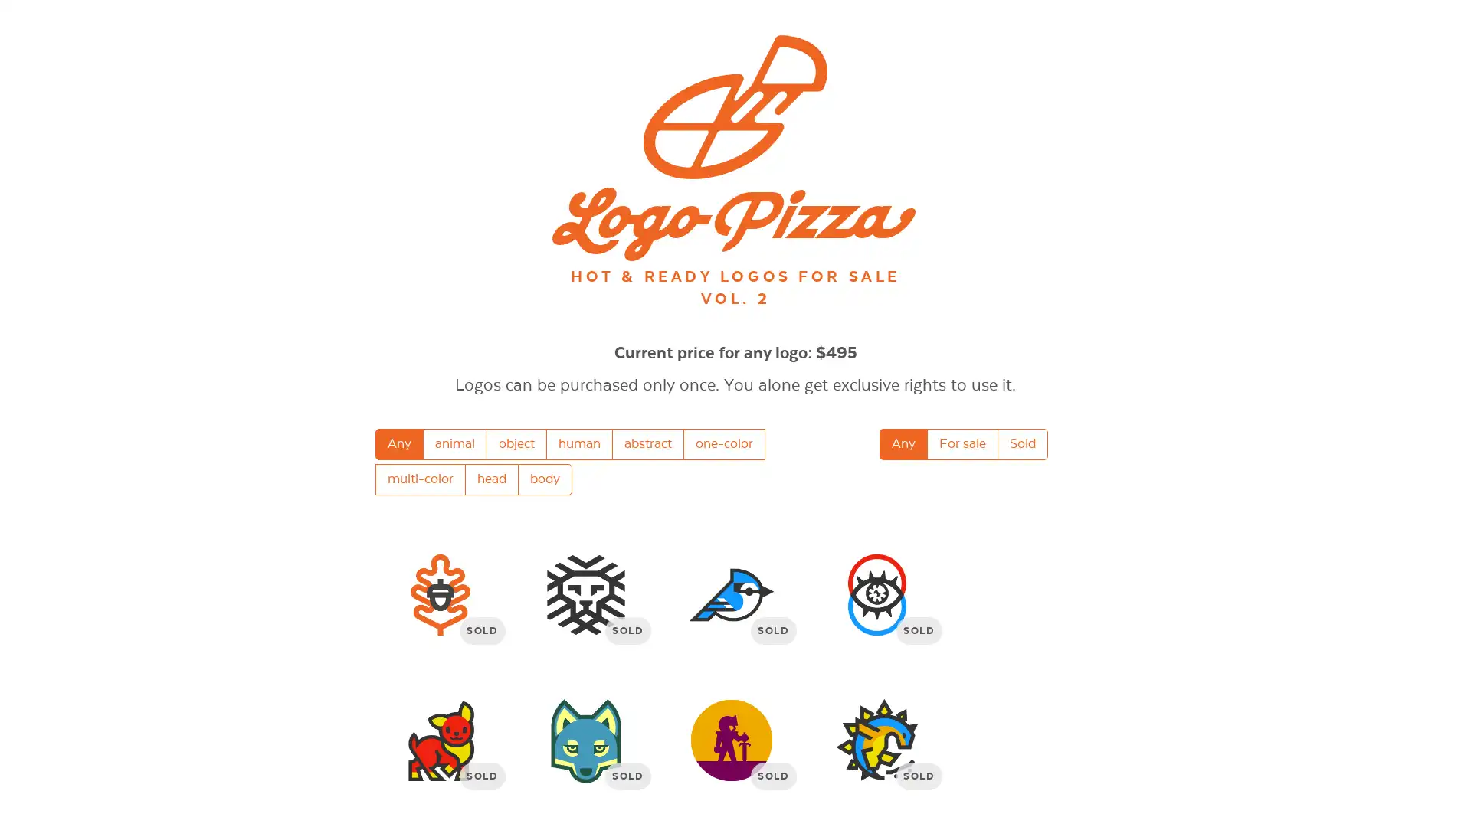 Image resolution: width=1471 pixels, height=827 pixels. What do you see at coordinates (578, 444) in the screenshot?
I see `human` at bounding box center [578, 444].